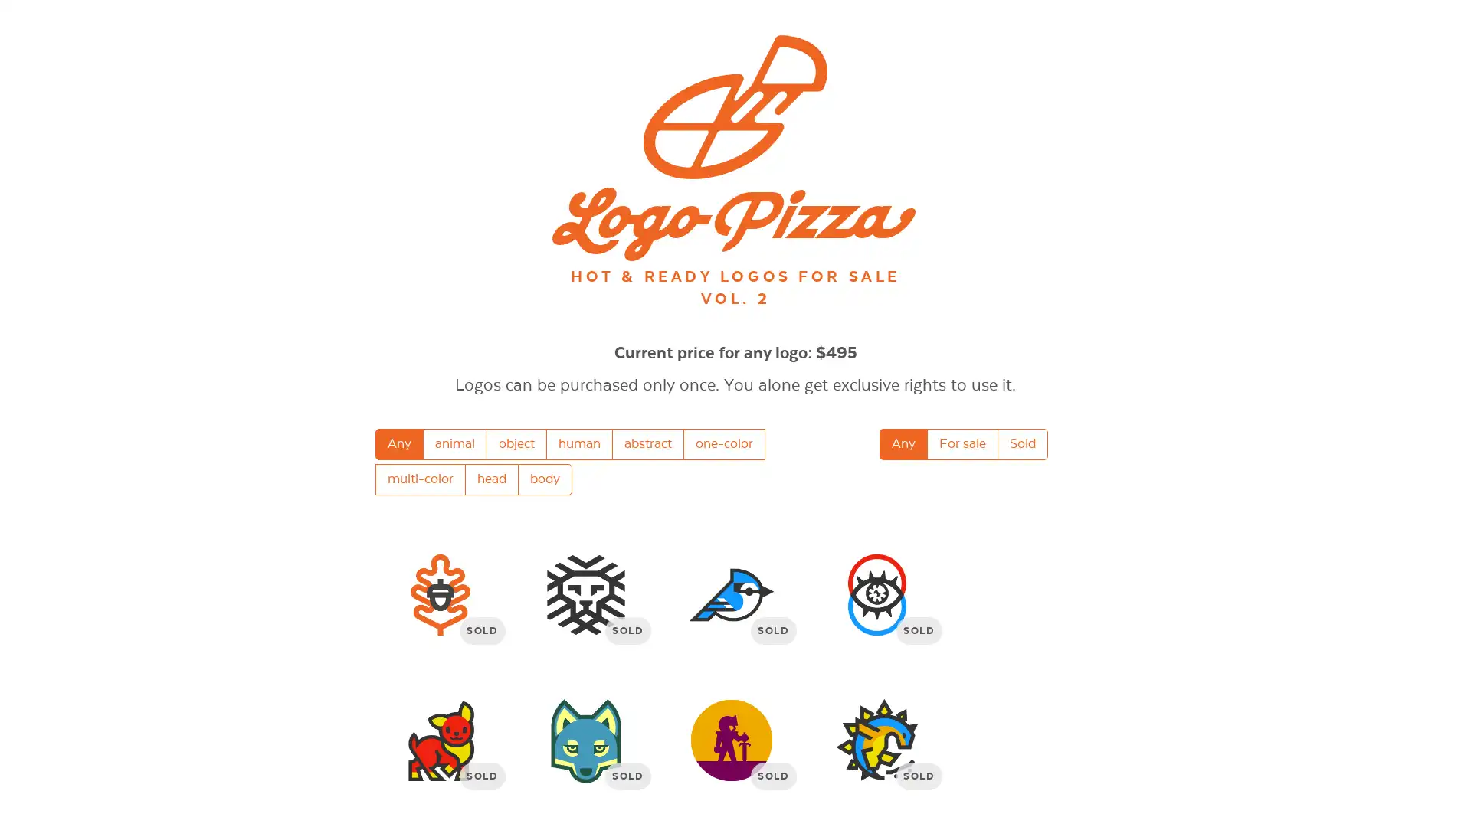 Image resolution: width=1471 pixels, height=827 pixels. What do you see at coordinates (578, 444) in the screenshot?
I see `human` at bounding box center [578, 444].